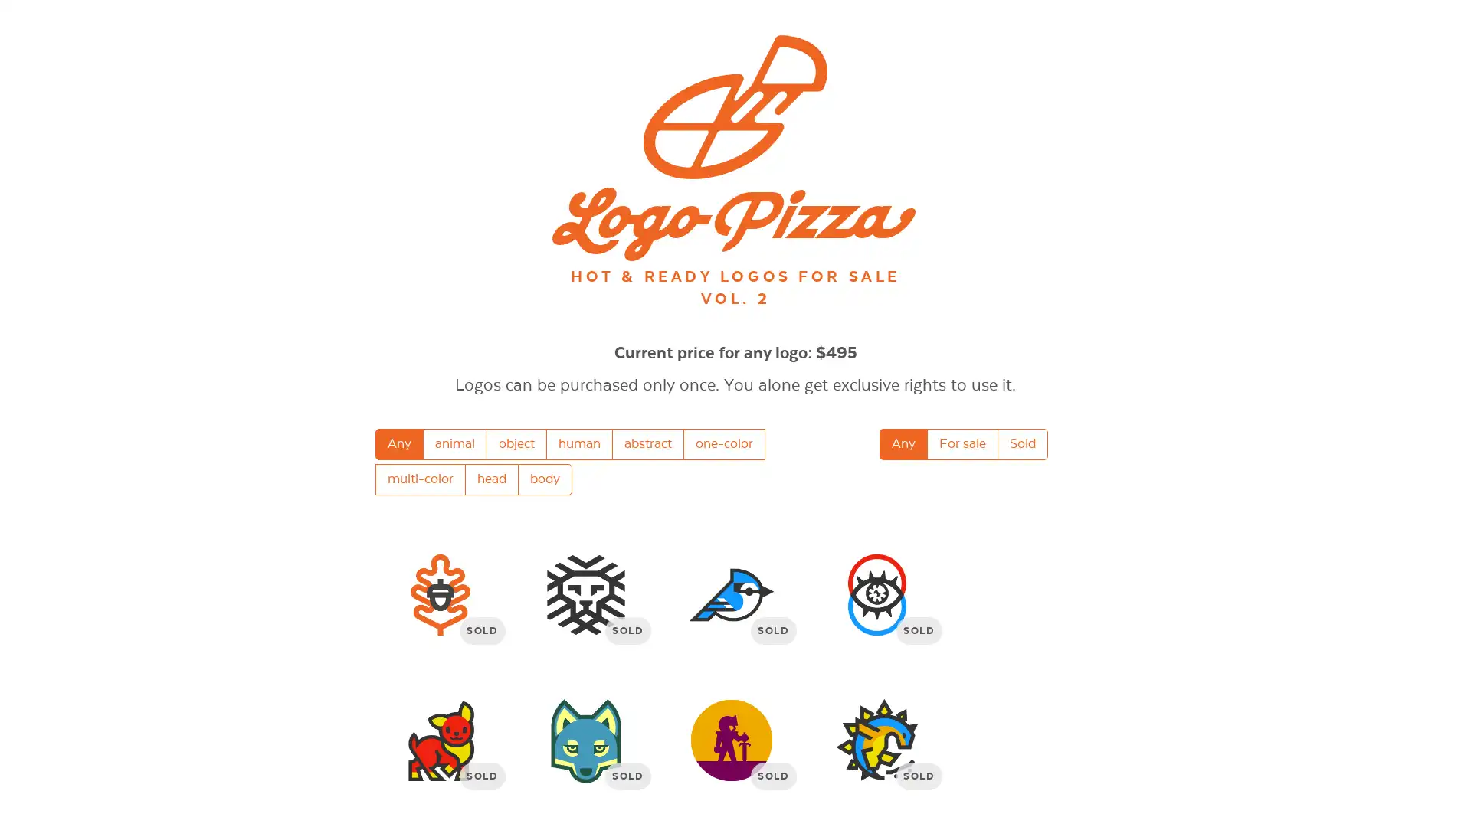 Image resolution: width=1471 pixels, height=827 pixels. What do you see at coordinates (578, 444) in the screenshot?
I see `human` at bounding box center [578, 444].